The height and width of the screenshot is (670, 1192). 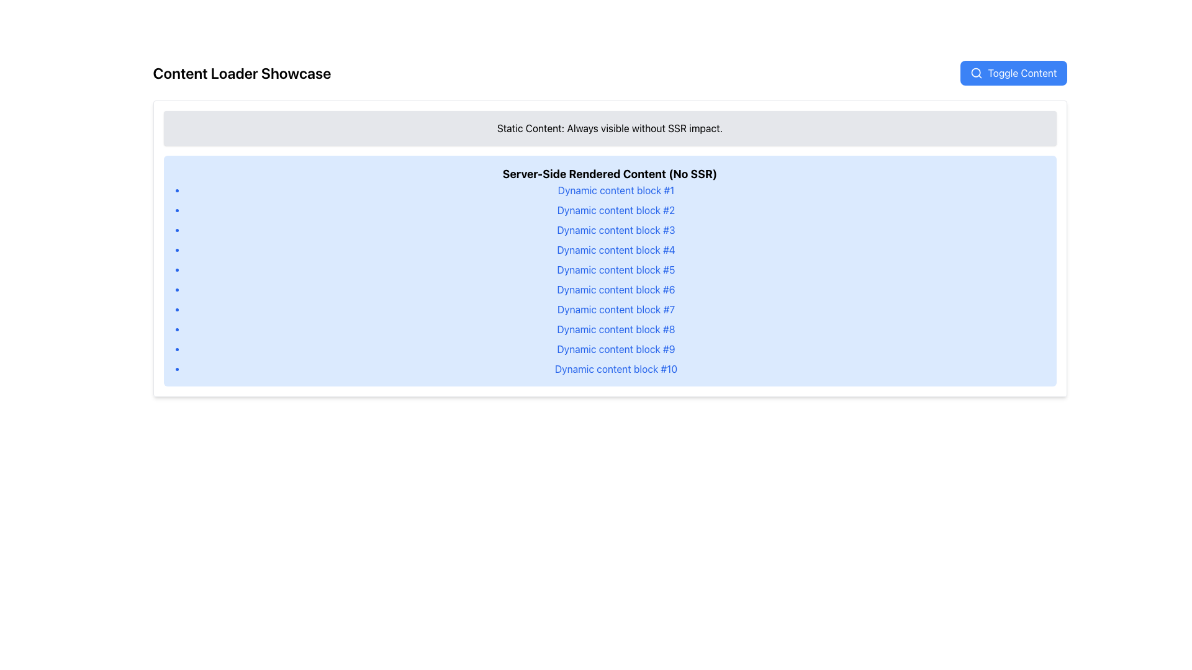 What do you see at coordinates (616, 289) in the screenshot?
I see `the static text element displaying 'Dynamic content block #6' in the vertically arranged list` at bounding box center [616, 289].